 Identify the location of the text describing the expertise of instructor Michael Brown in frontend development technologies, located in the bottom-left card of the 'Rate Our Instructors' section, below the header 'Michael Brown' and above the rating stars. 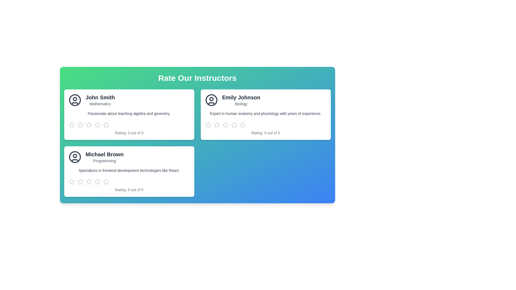
(129, 171).